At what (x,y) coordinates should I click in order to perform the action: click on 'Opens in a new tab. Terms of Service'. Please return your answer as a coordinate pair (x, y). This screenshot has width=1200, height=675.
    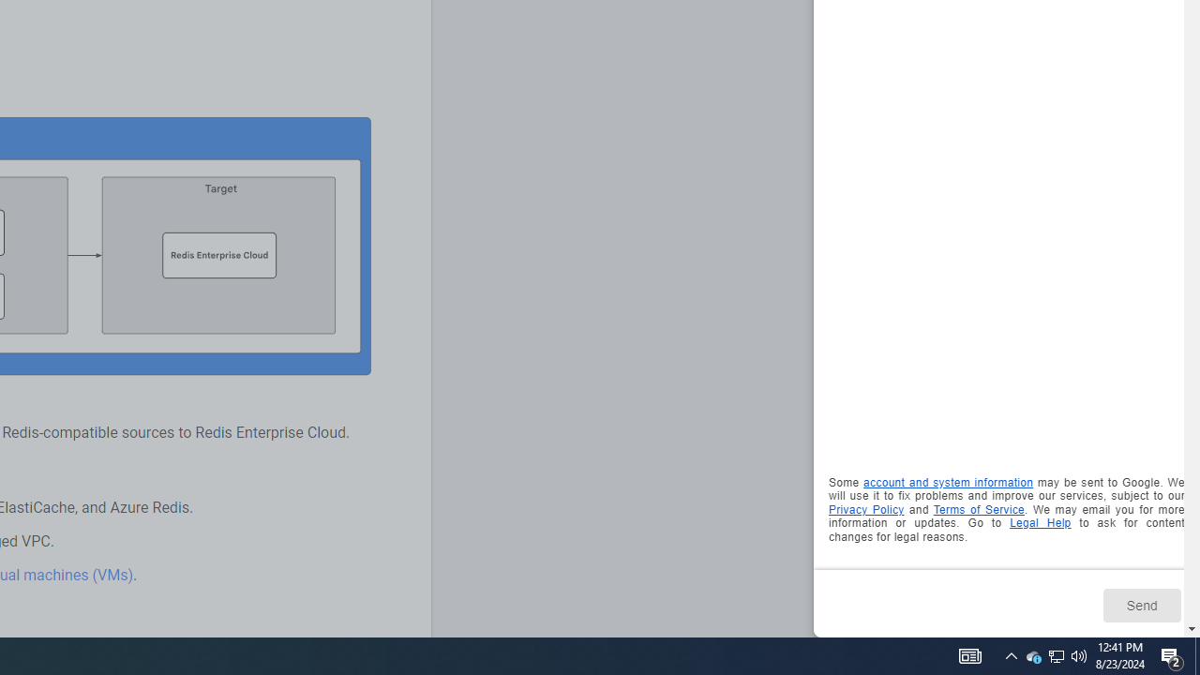
    Looking at the image, I should click on (978, 509).